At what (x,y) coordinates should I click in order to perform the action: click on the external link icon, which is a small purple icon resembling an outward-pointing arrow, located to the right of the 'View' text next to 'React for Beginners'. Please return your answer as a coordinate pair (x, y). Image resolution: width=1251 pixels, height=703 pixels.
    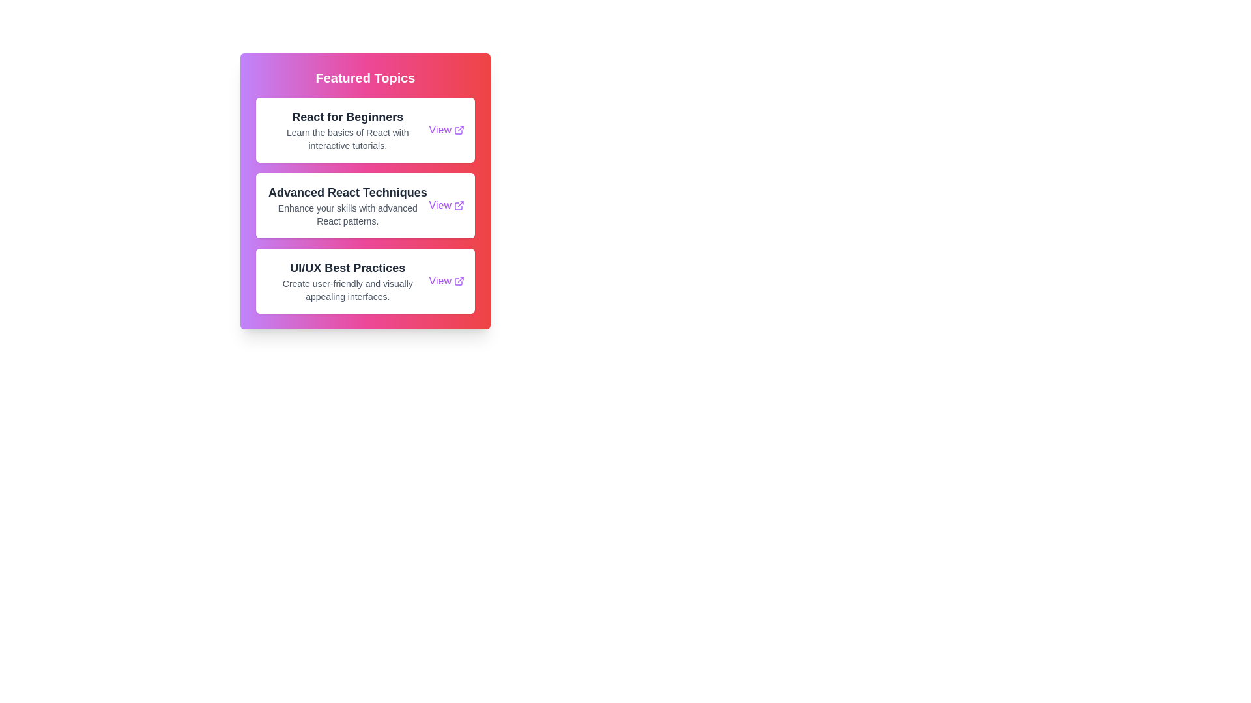
    Looking at the image, I should click on (459, 130).